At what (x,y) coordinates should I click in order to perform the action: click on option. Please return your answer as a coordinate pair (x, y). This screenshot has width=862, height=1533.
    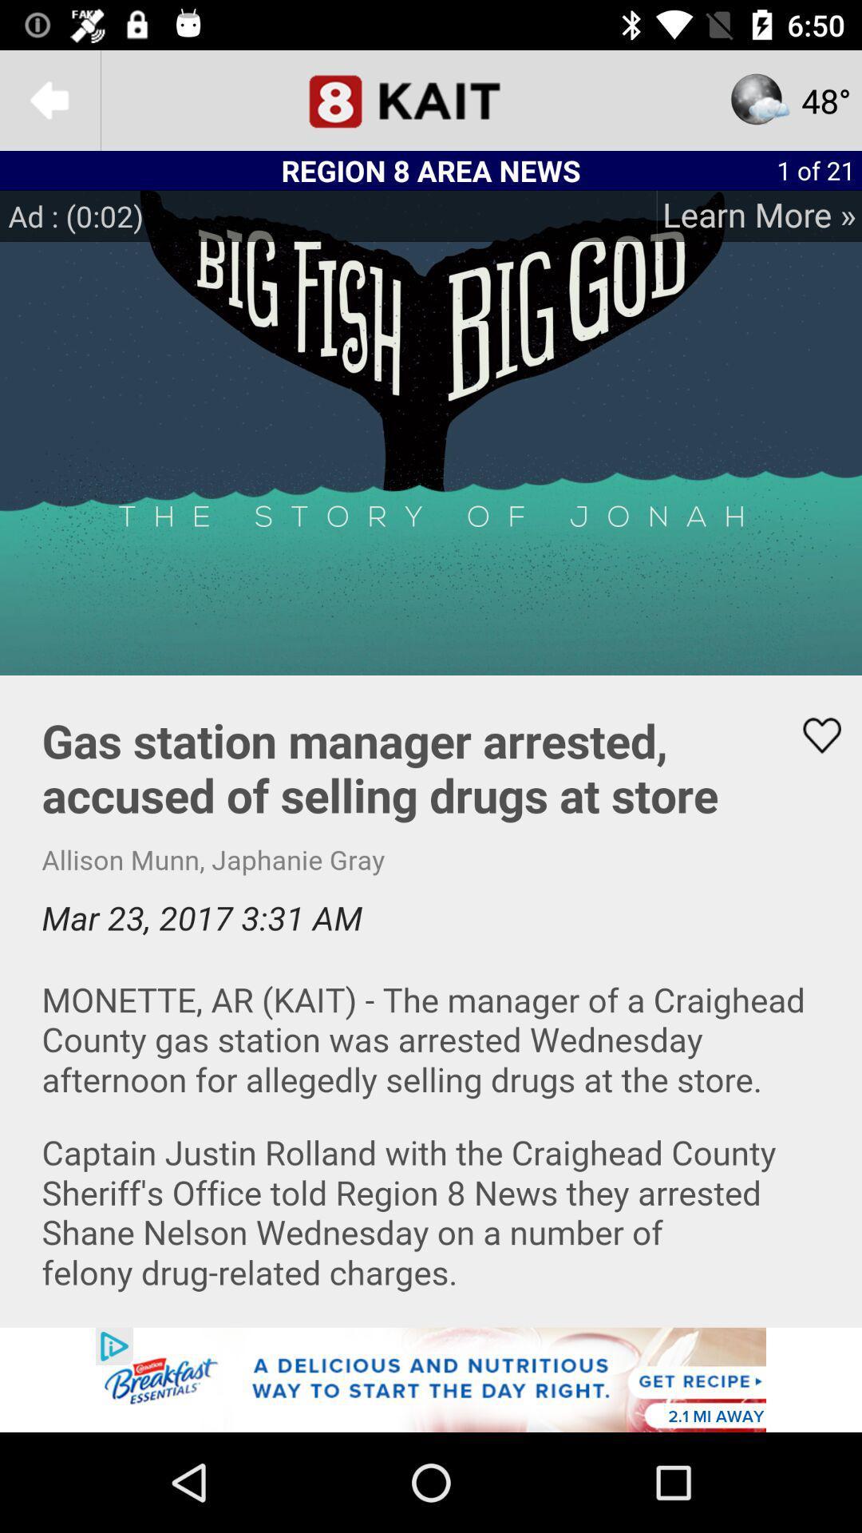
    Looking at the image, I should click on (431, 1379).